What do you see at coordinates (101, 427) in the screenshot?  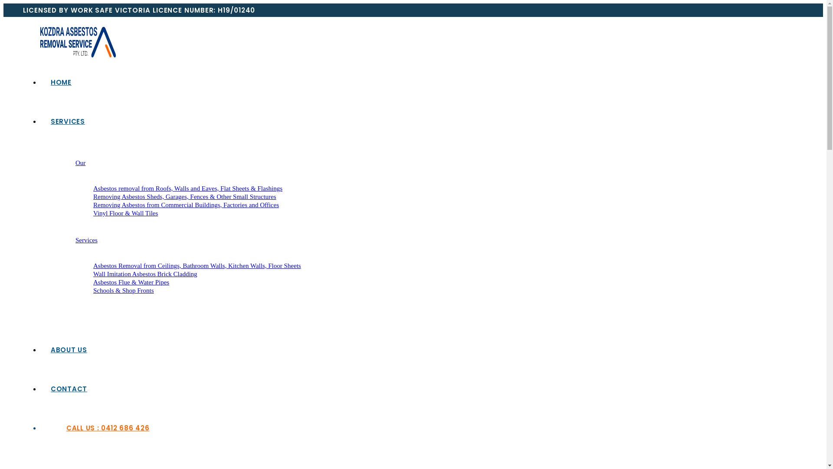 I see `'CALL US : 0412 686 426'` at bounding box center [101, 427].